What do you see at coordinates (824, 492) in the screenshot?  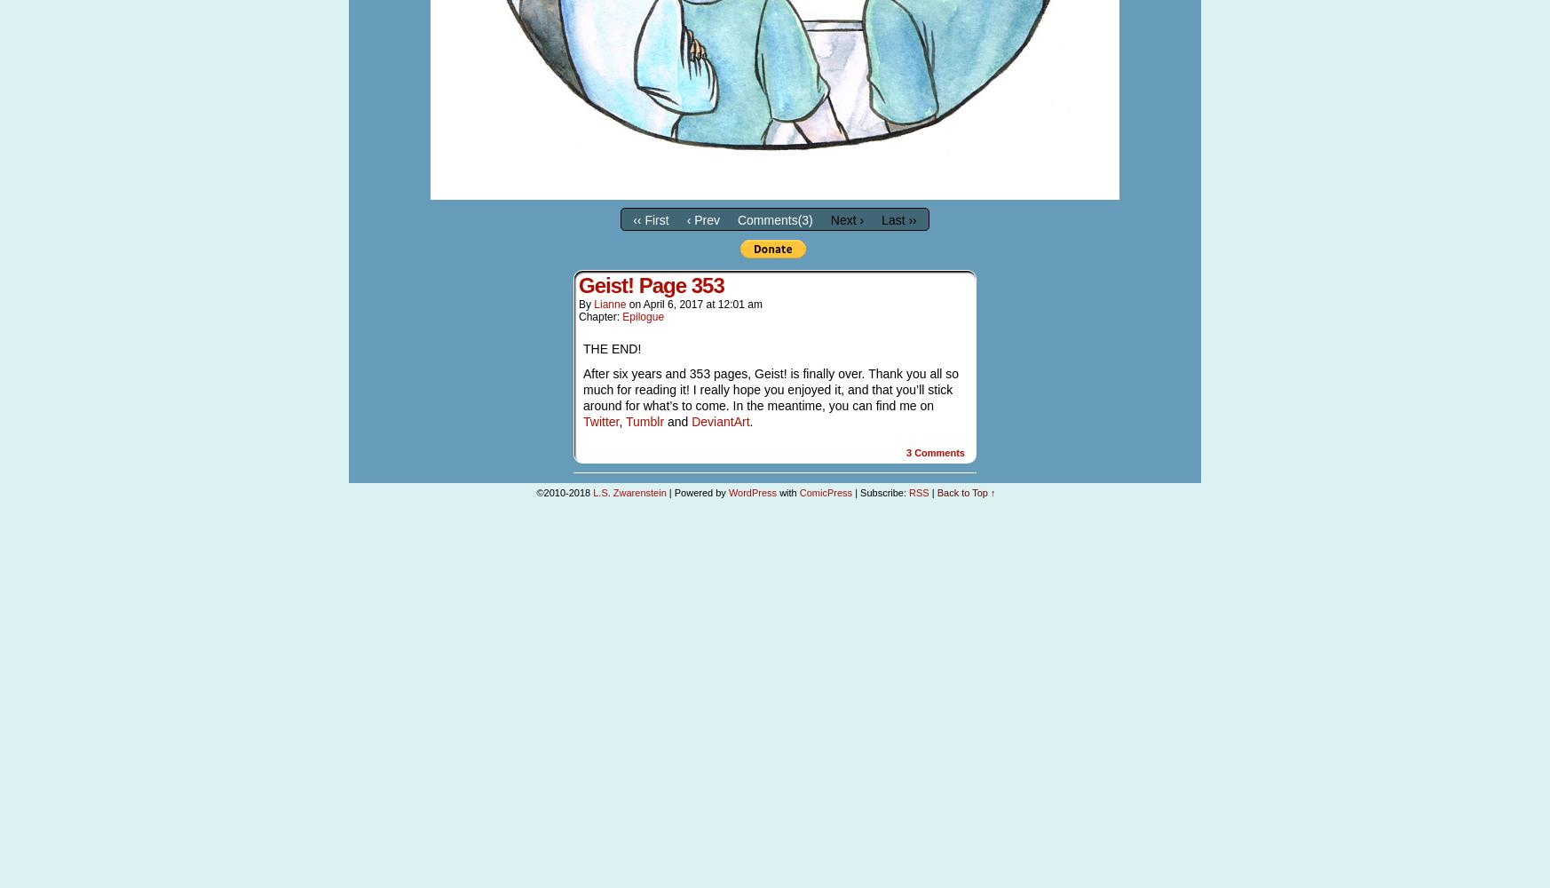 I see `'ComicPress'` at bounding box center [824, 492].